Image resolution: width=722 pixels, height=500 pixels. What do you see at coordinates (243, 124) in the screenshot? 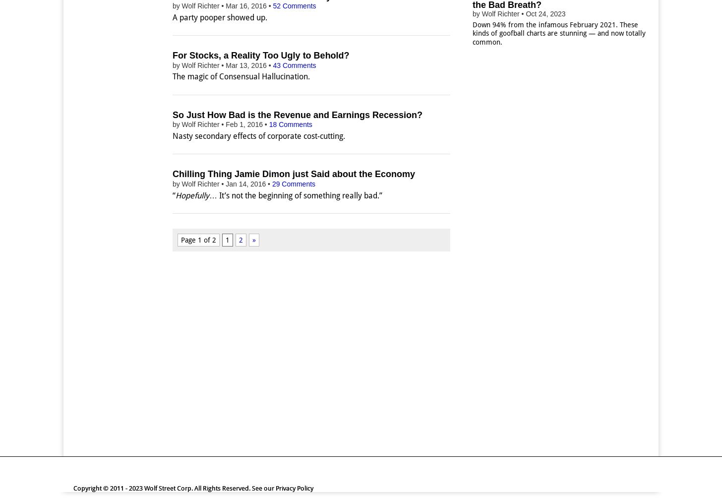
I see `'Feb 1, 2016'` at bounding box center [243, 124].